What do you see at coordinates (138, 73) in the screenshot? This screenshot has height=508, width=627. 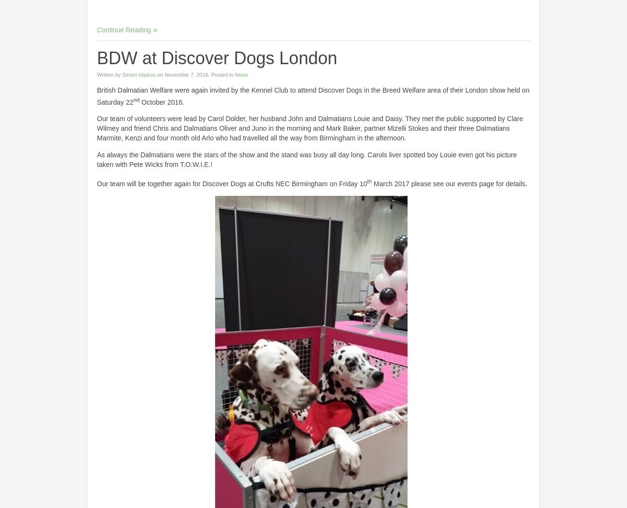 I see `'Simon Hipkiss'` at bounding box center [138, 73].